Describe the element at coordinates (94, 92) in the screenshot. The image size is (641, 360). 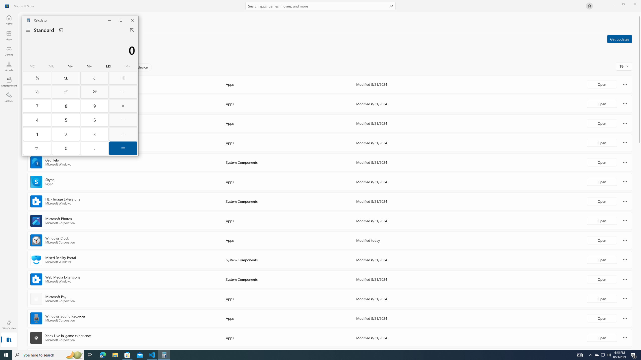
I see `'Square root'` at that location.